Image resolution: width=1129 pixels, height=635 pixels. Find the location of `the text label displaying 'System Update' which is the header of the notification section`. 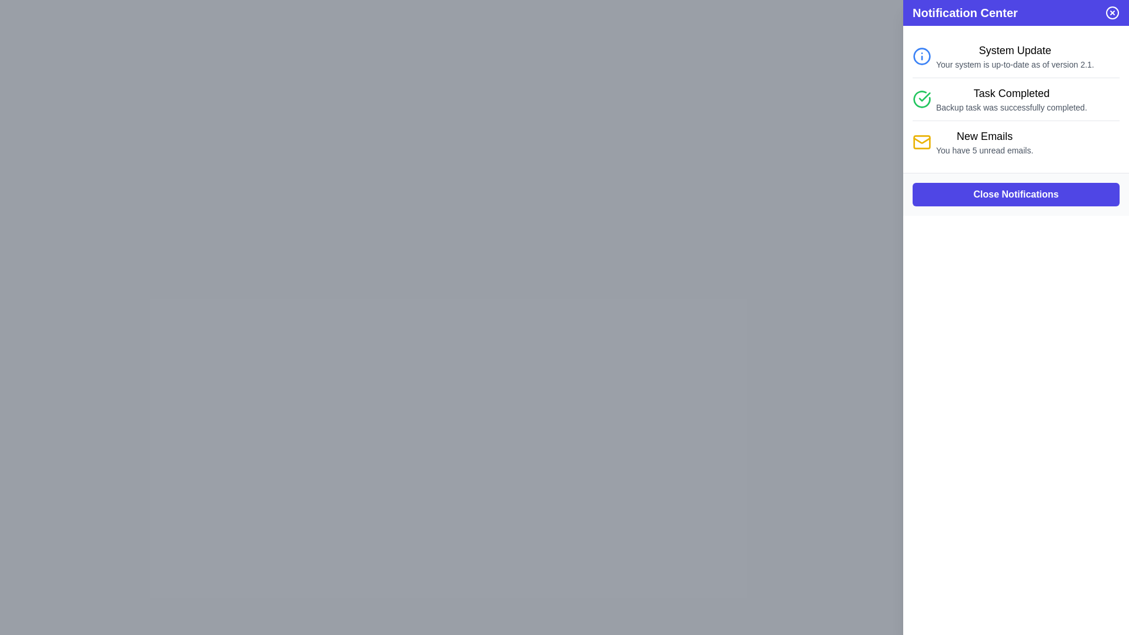

the text label displaying 'System Update' which is the header of the notification section is located at coordinates (1014, 49).